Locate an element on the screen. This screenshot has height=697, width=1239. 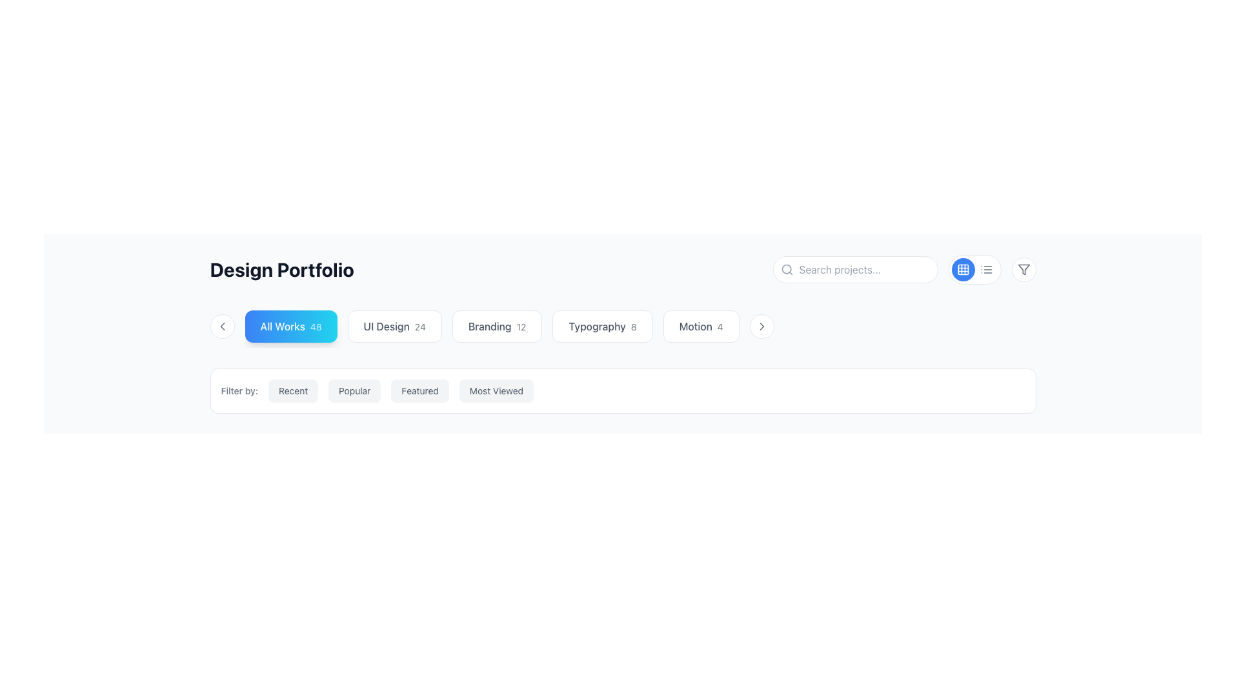
the interactive button in the top-right corner of the interface is located at coordinates (963, 268).